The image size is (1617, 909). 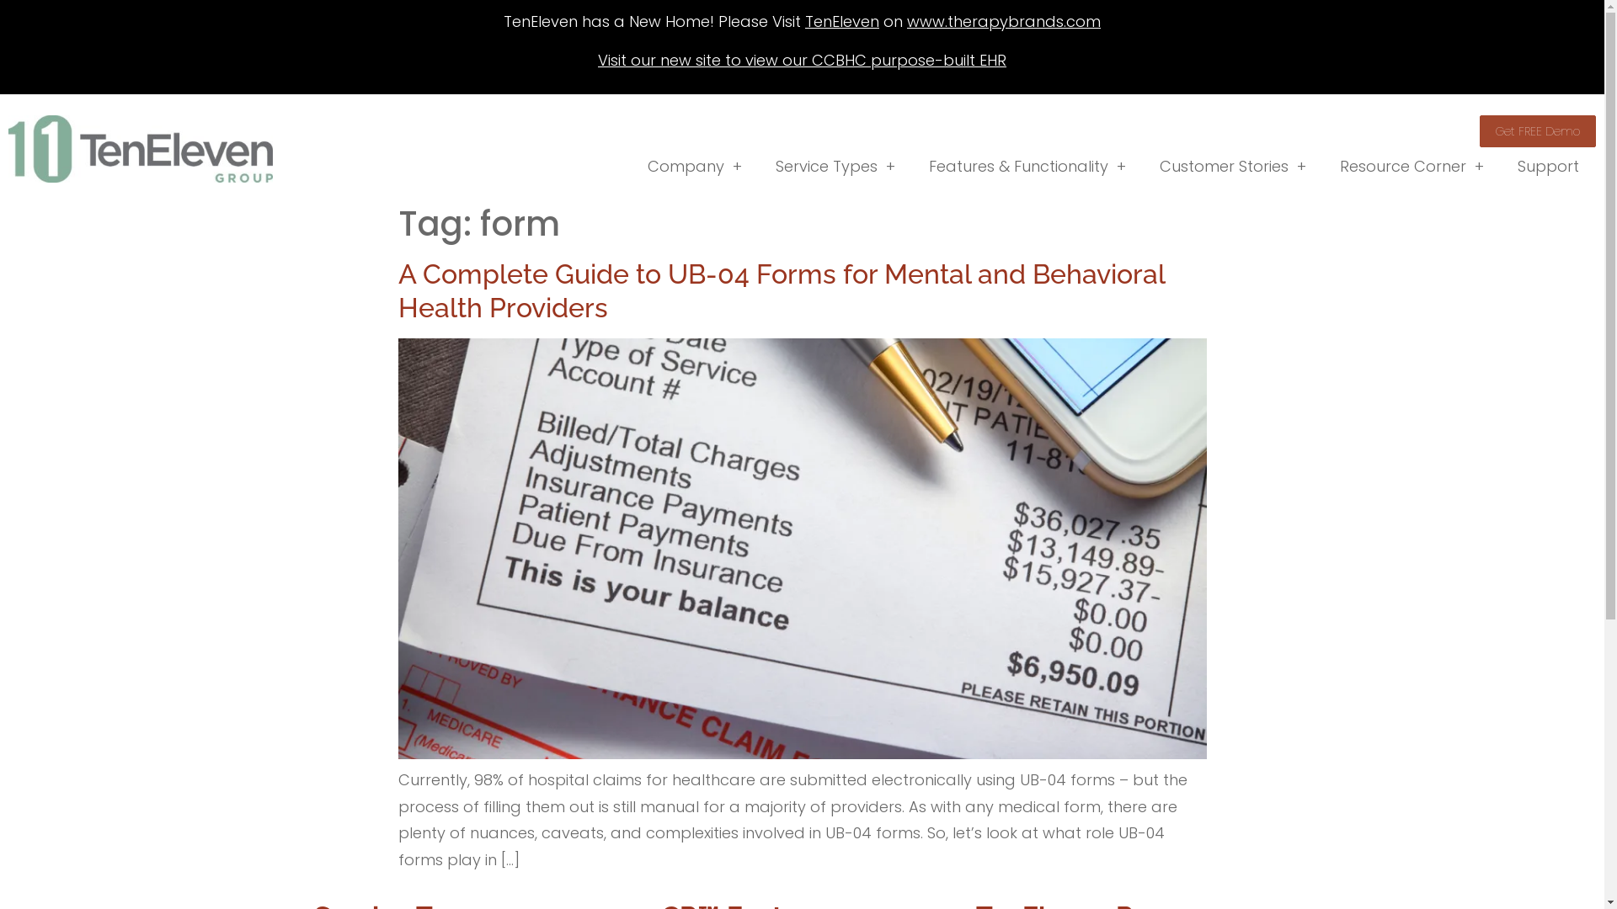 I want to click on 'Company', so click(x=695, y=166).